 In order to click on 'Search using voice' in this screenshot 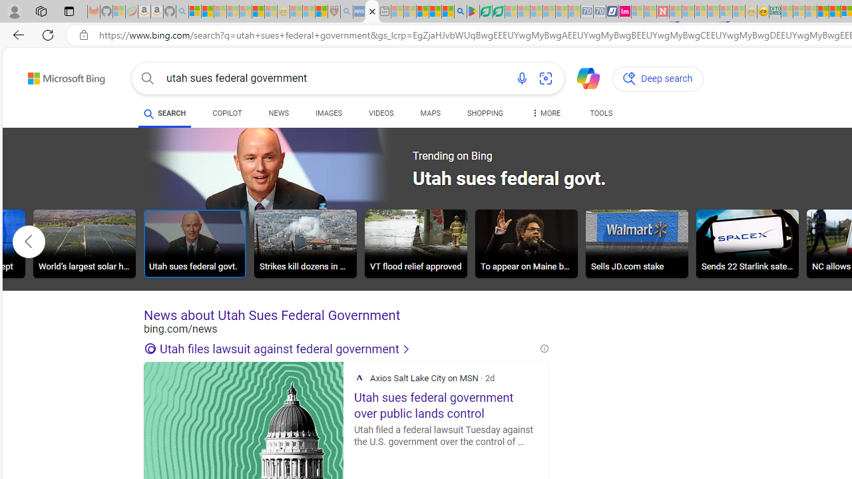, I will do `click(521, 79)`.